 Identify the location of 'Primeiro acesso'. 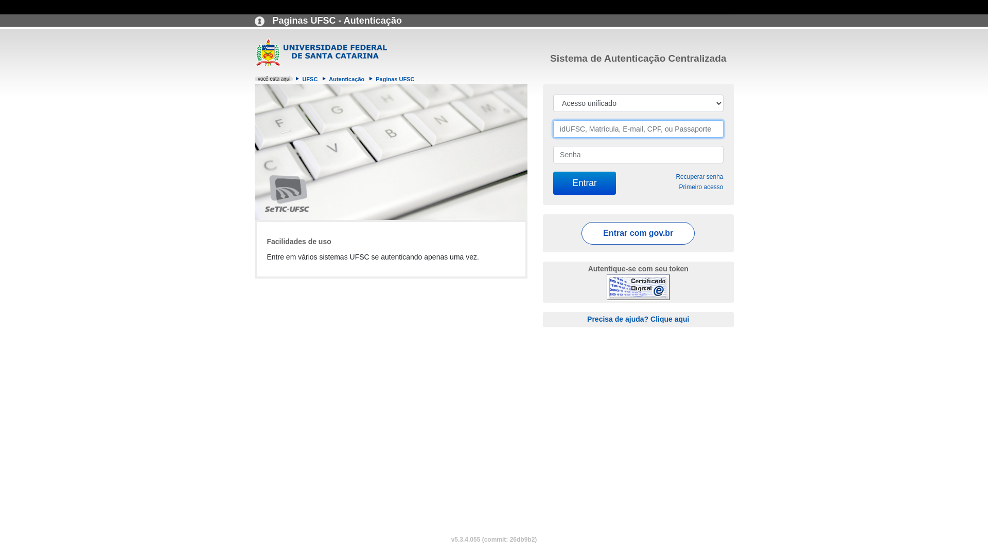
(700, 187).